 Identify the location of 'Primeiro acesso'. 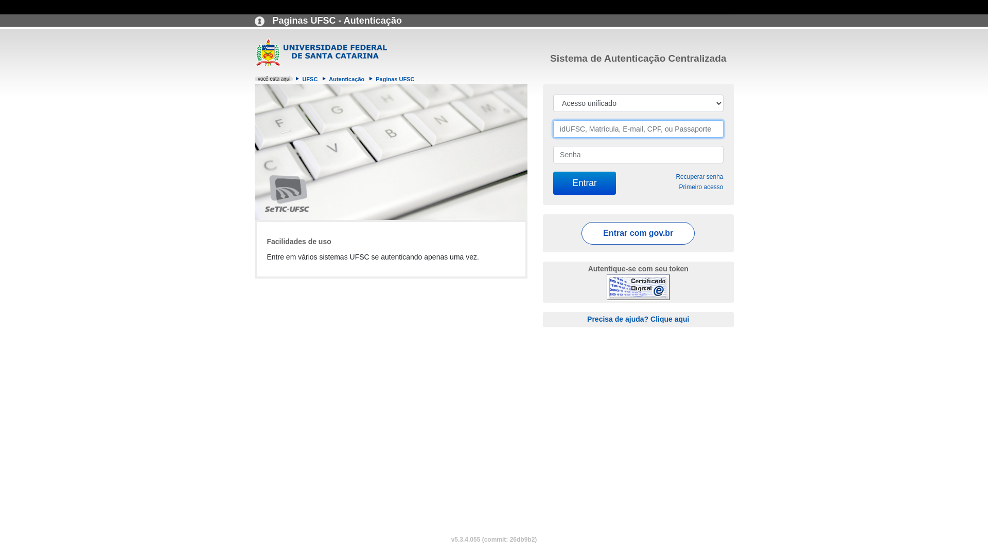
(700, 187).